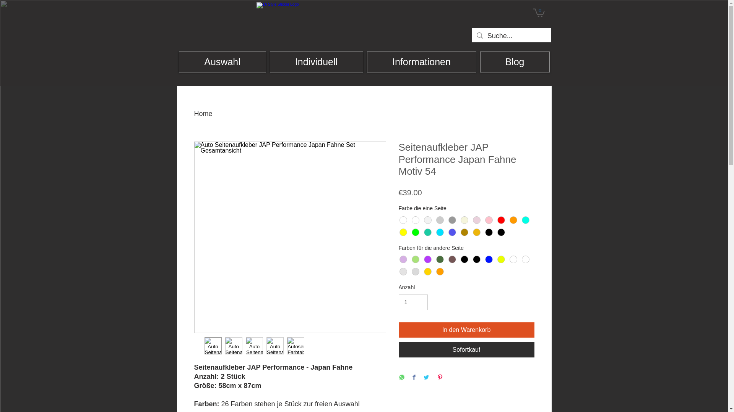 The height and width of the screenshot is (412, 734). I want to click on 'Blog', so click(515, 61).